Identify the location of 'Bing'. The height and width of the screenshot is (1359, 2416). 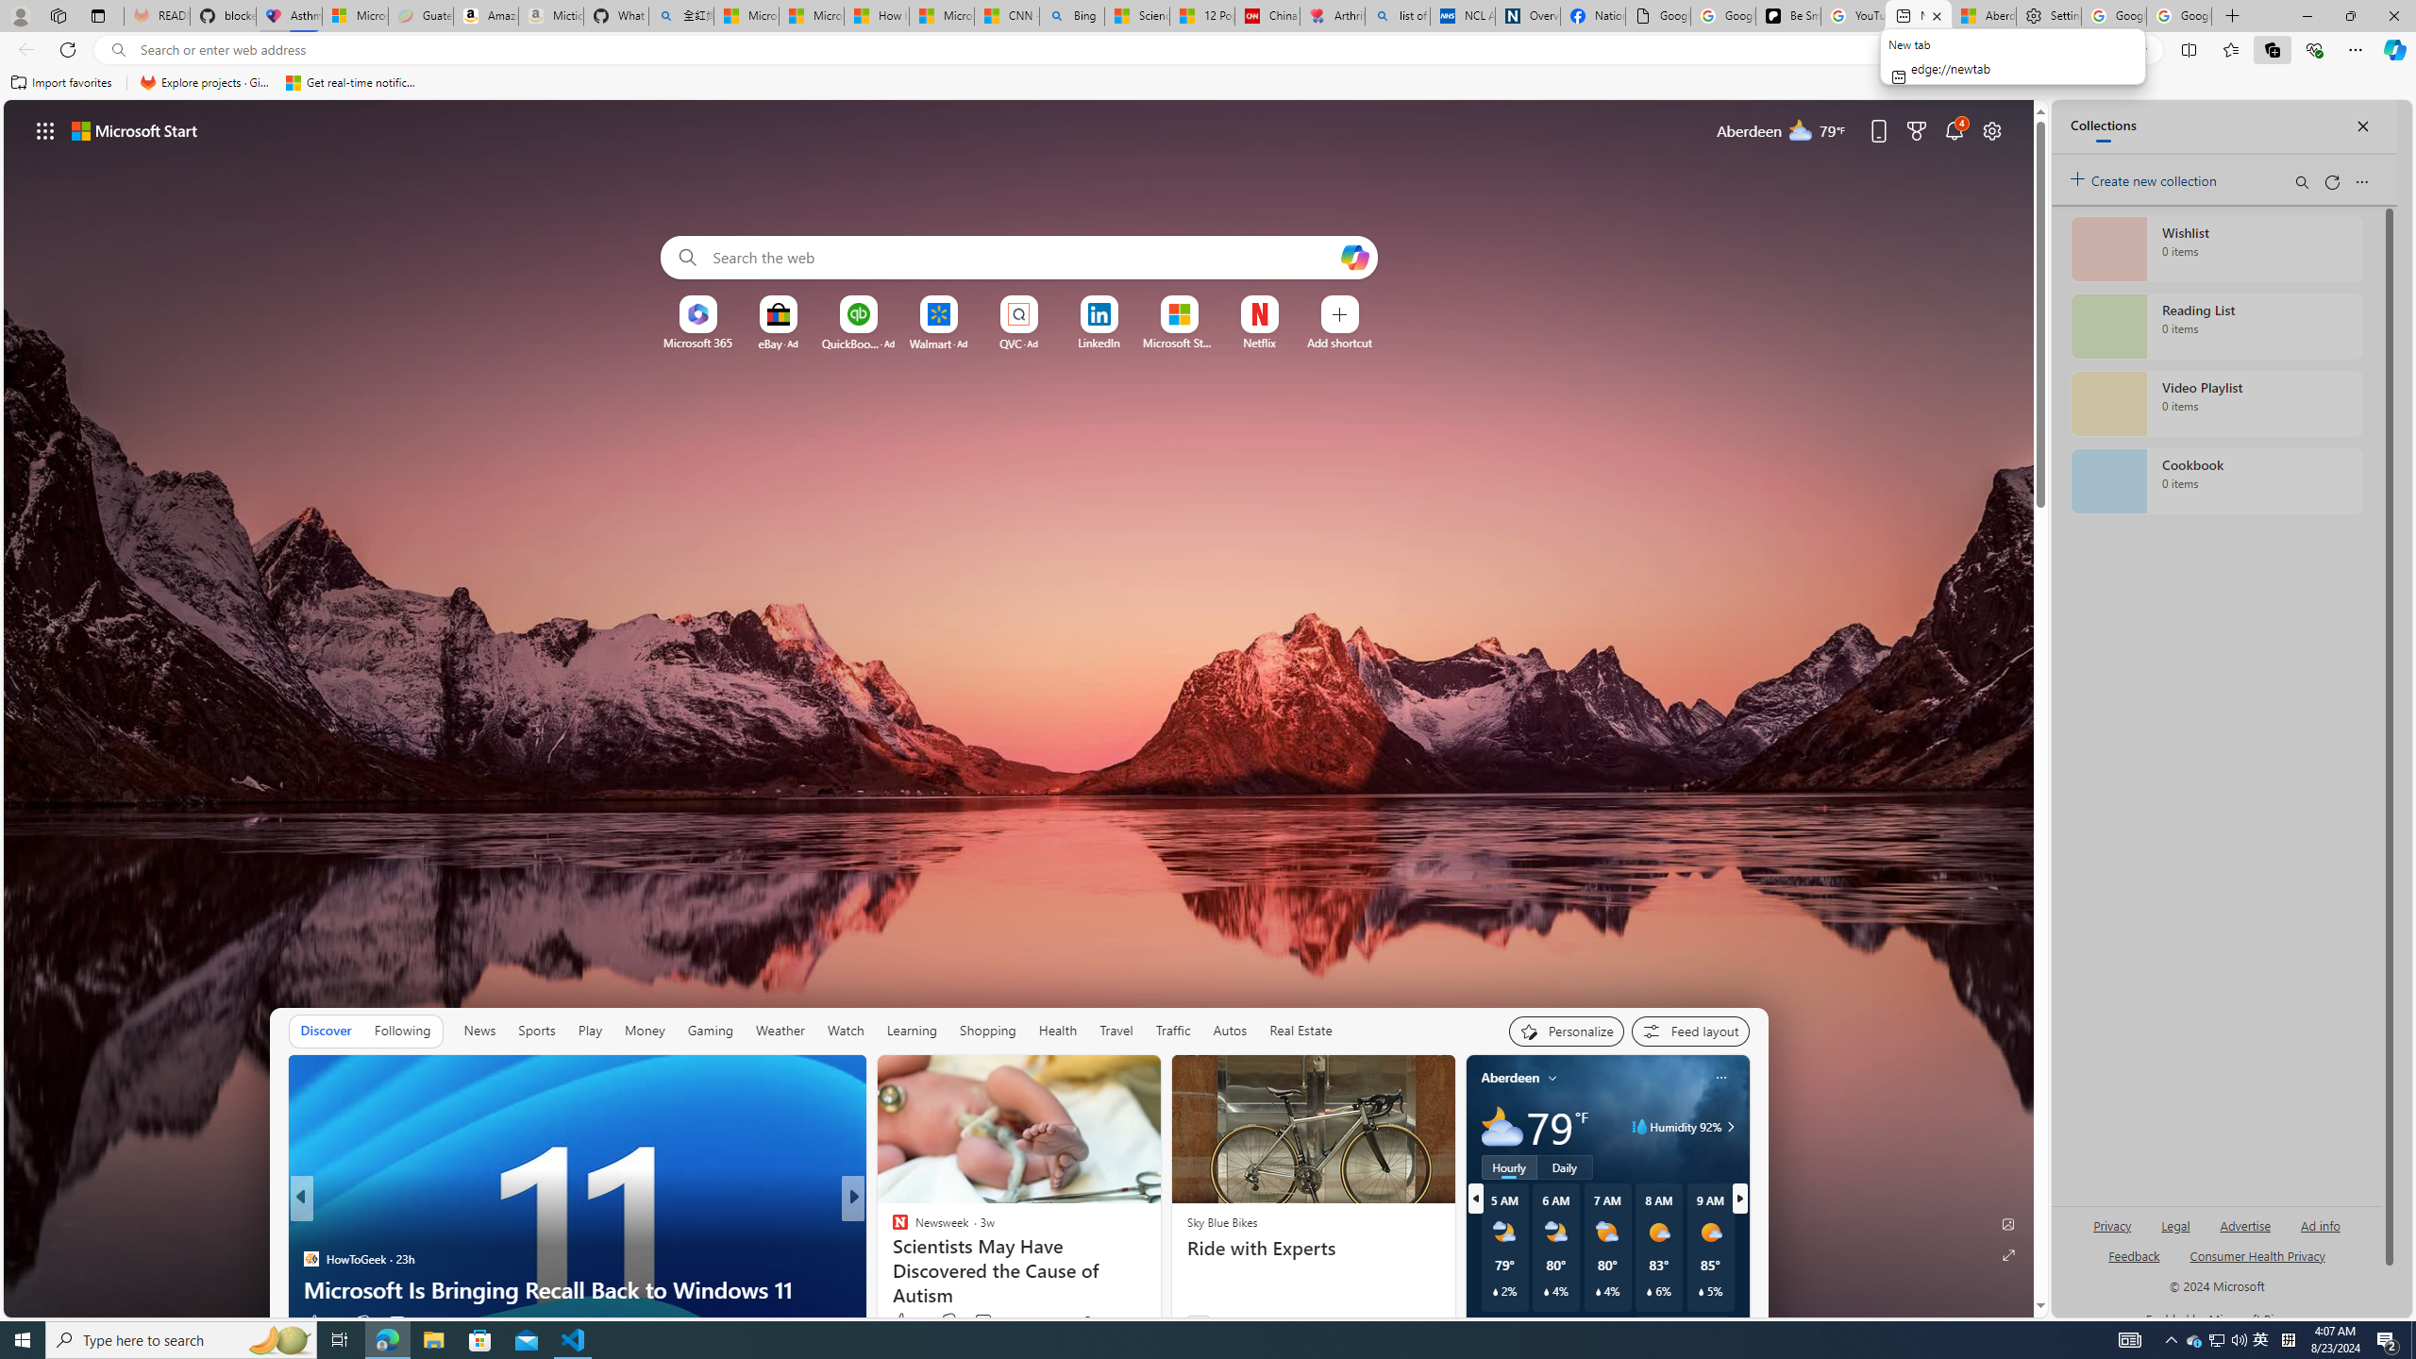
(1072, 15).